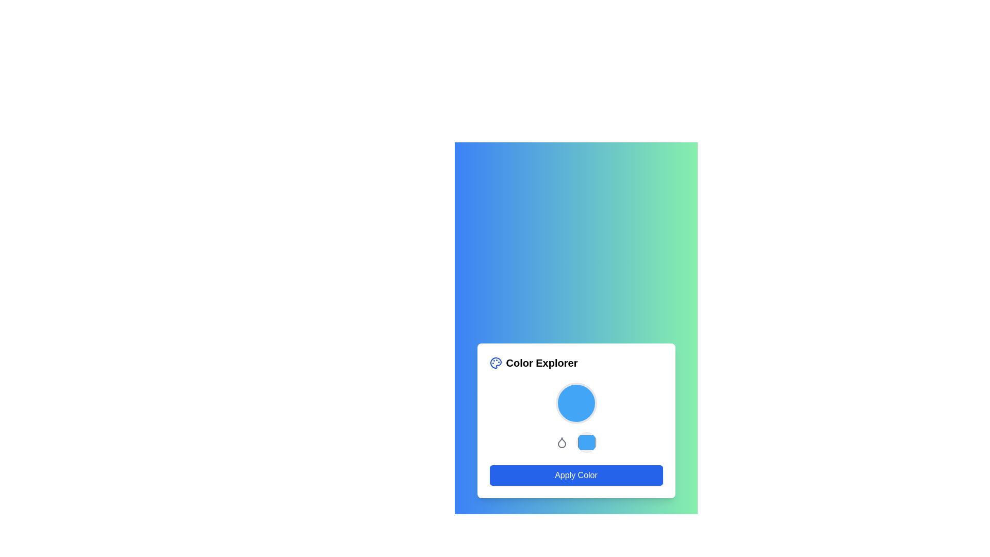 The width and height of the screenshot is (990, 557). Describe the element at coordinates (575, 363) in the screenshot. I see `title text of the Header with Icon that serves as the title for the color explorer tool section in the upper part of the card interface` at that location.